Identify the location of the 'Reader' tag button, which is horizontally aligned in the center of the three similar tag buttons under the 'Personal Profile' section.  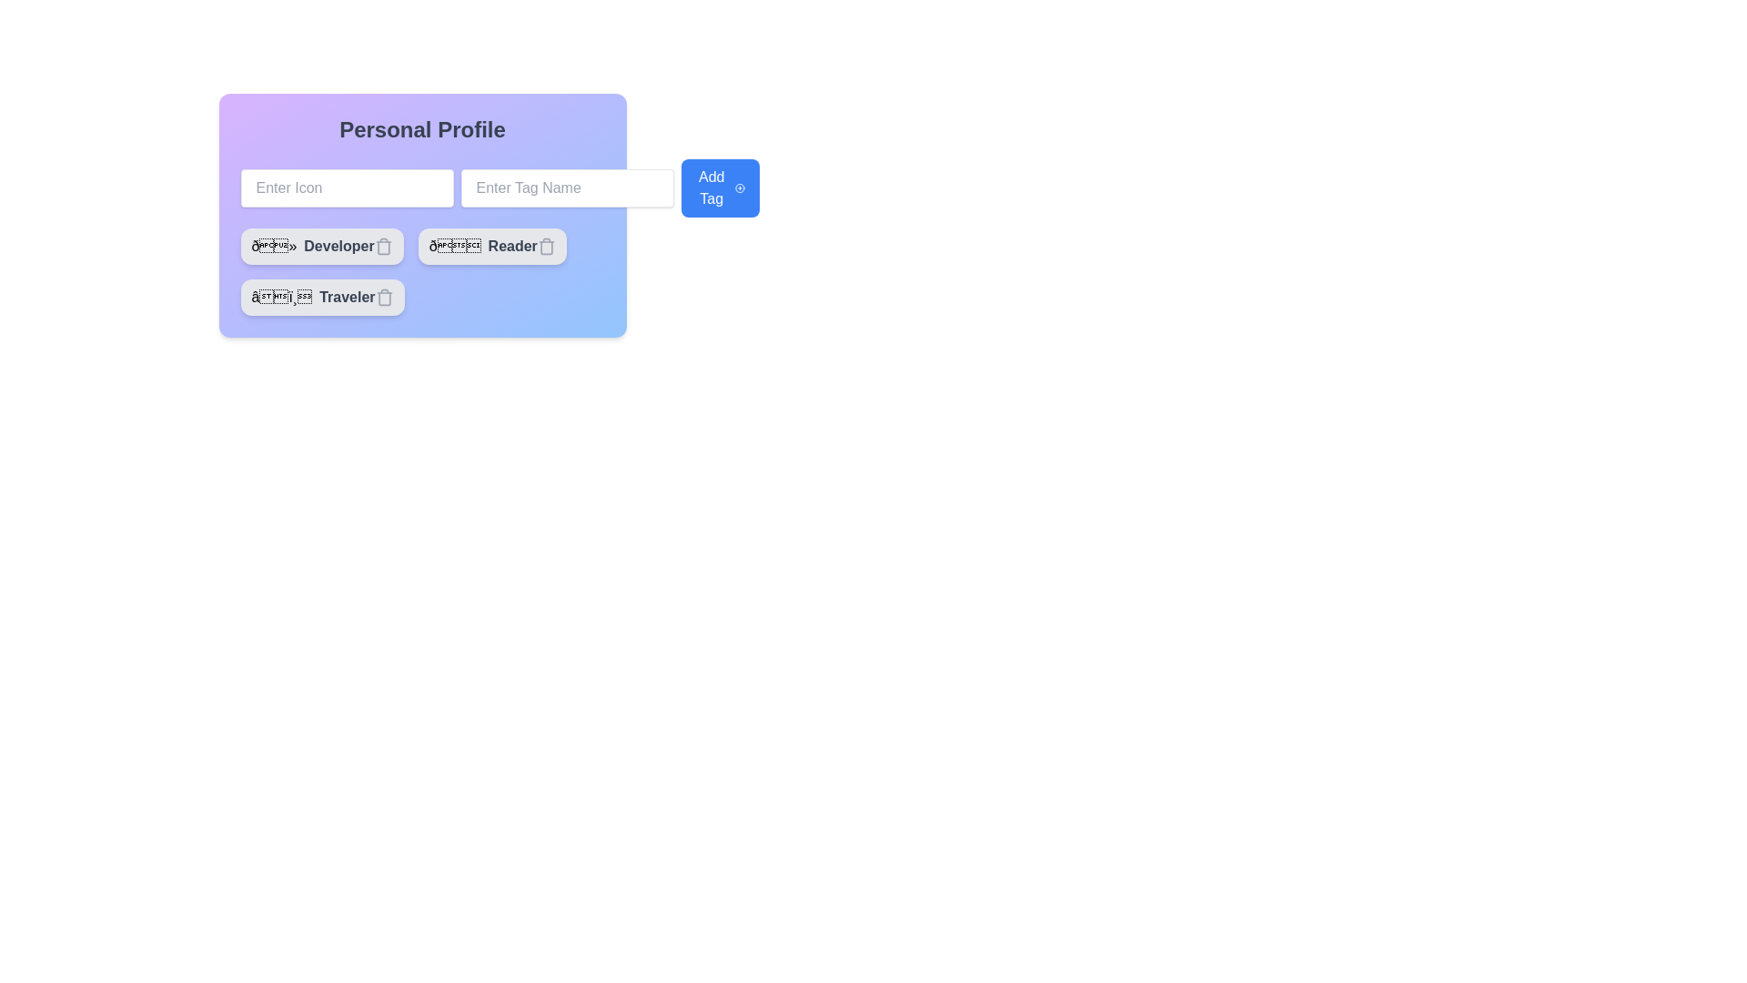
(492, 246).